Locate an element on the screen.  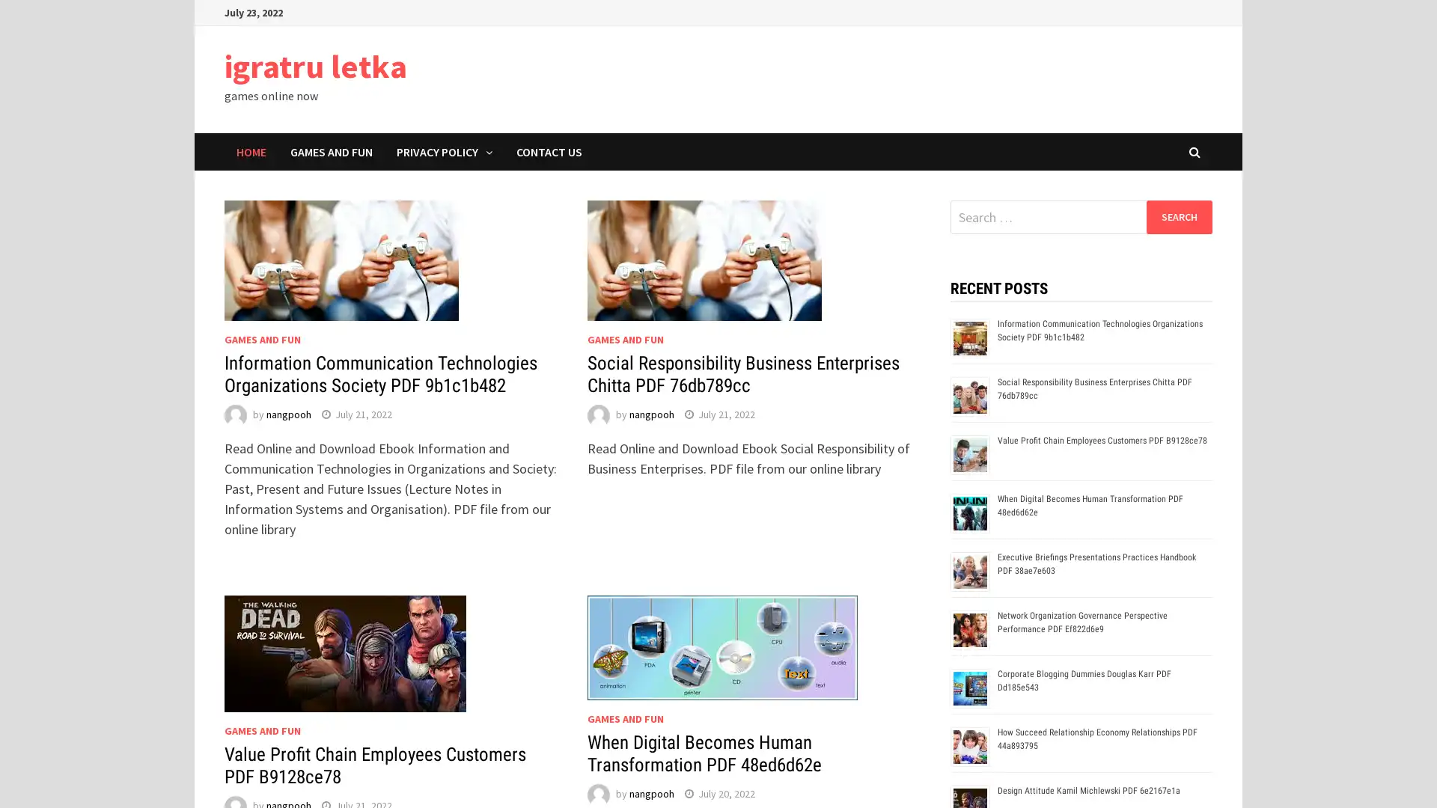
Search is located at coordinates (1178, 216).